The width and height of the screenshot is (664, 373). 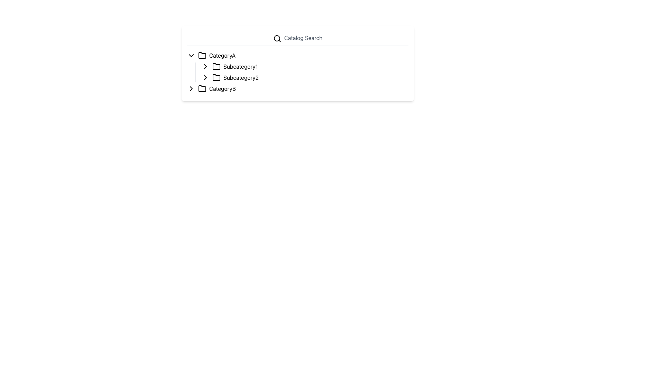 What do you see at coordinates (191, 88) in the screenshot?
I see `the Chevron icon that collapses or expands the 'CategoryB' list item, located to the left of the folder icon` at bounding box center [191, 88].